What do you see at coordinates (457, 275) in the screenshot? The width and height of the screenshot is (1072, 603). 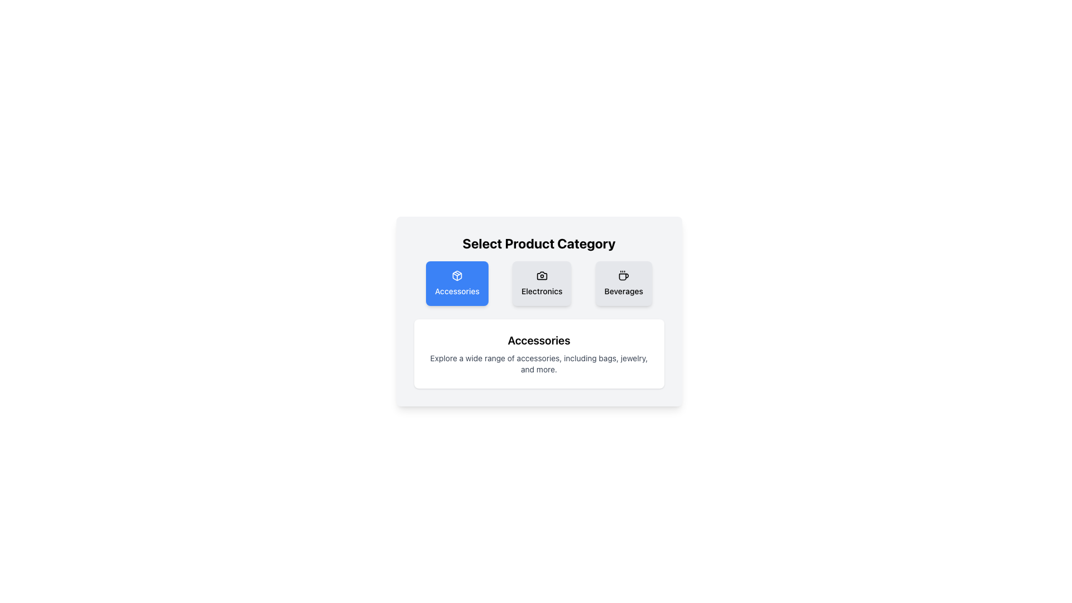 I see `the package box icon located within the blue square card labeled 'Accessories' in the leftmost section of the category row` at bounding box center [457, 275].